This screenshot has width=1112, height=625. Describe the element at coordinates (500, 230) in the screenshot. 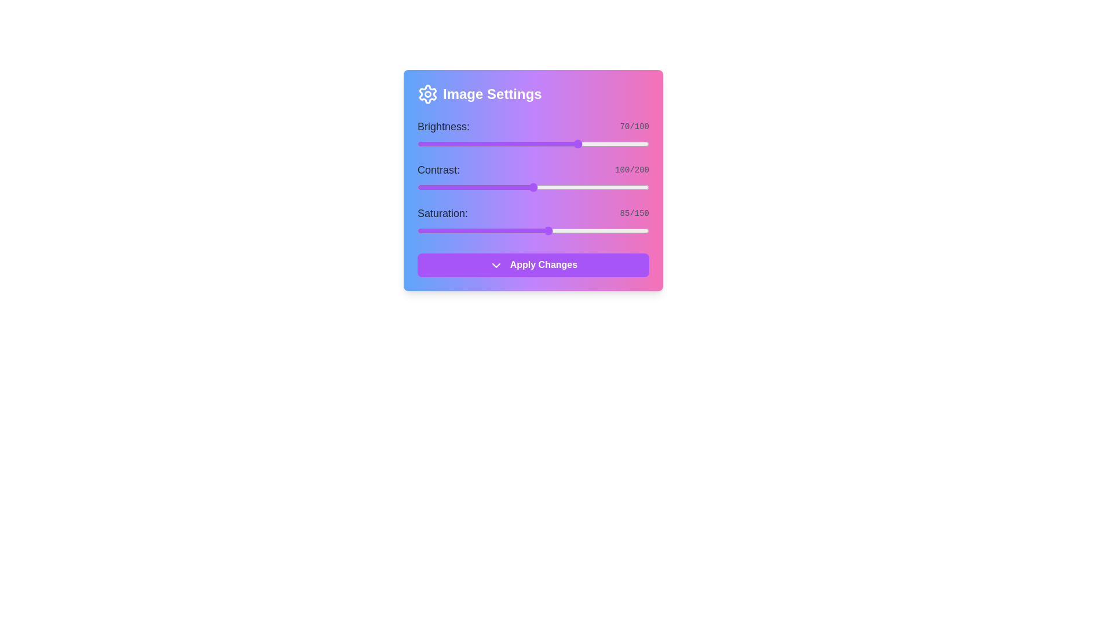

I see `the saturation slider to 54 level` at that location.